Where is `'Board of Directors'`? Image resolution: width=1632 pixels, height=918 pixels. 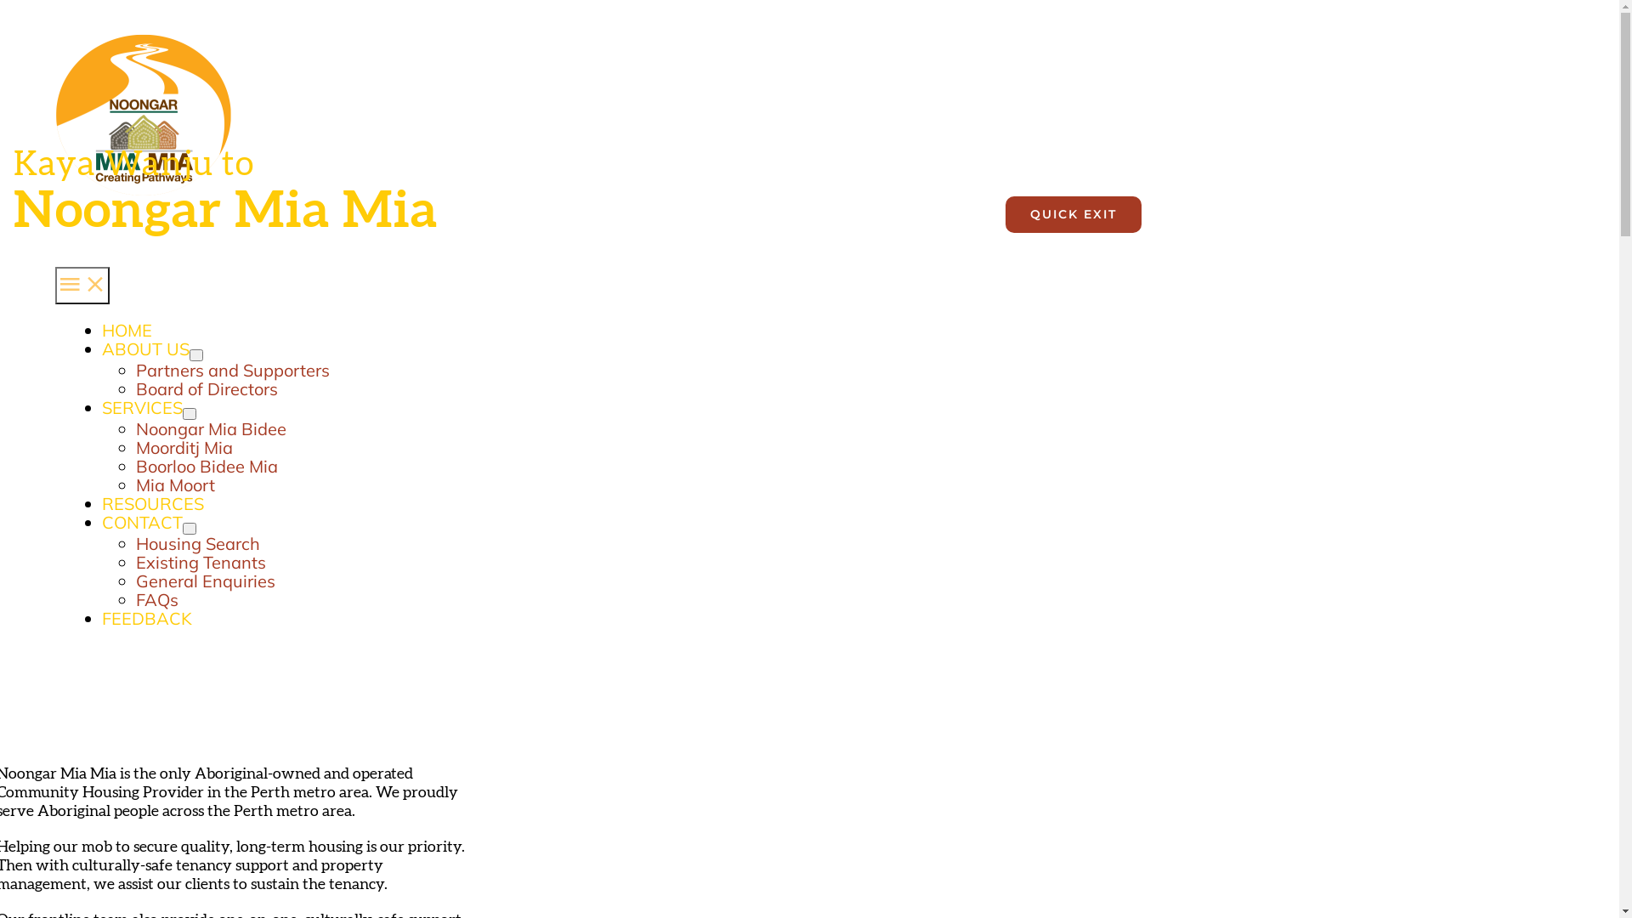
'Board of Directors' is located at coordinates (134, 388).